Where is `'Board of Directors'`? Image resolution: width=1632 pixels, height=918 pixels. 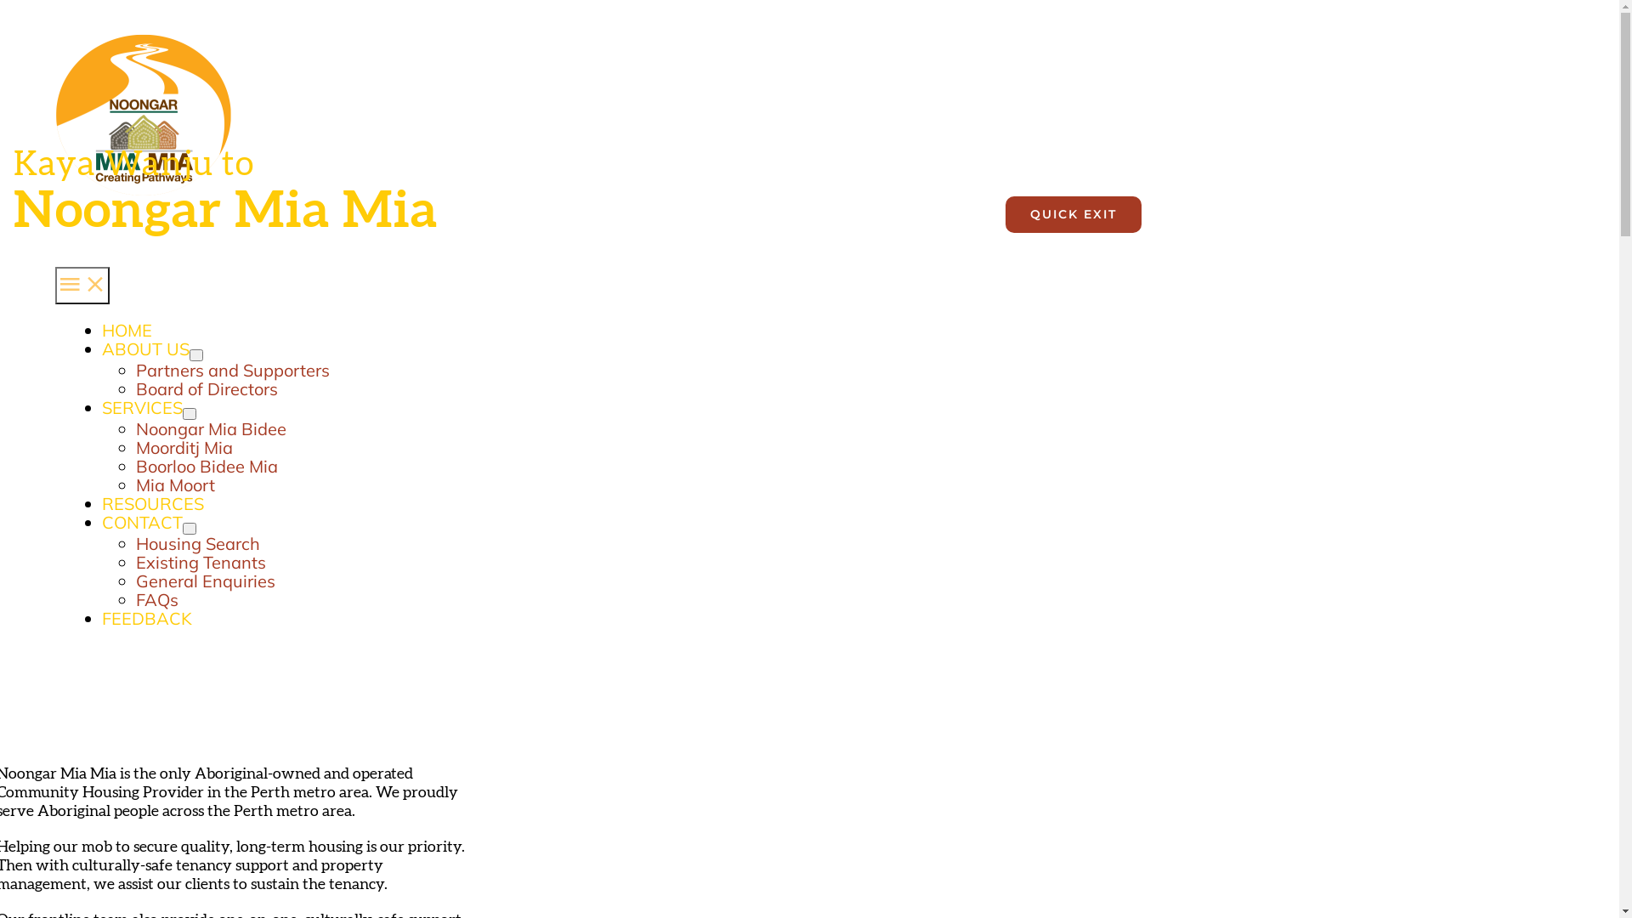
'Board of Directors' is located at coordinates (134, 388).